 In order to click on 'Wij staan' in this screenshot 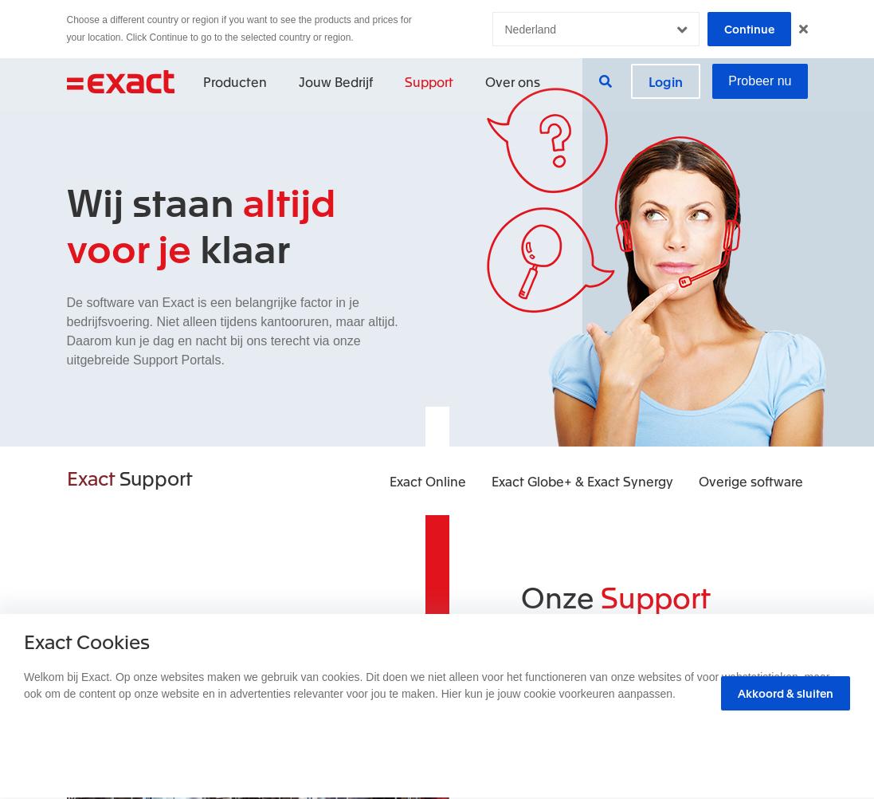, I will do `click(154, 199)`.